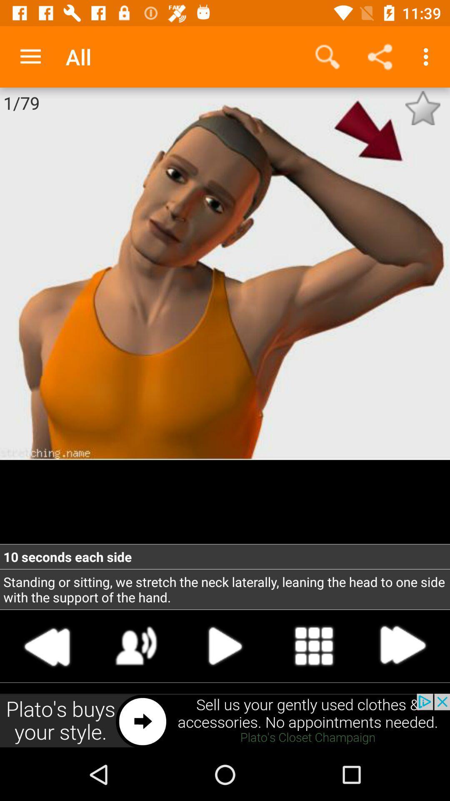  I want to click on cleck the star button which is in the right corner, so click(422, 108).